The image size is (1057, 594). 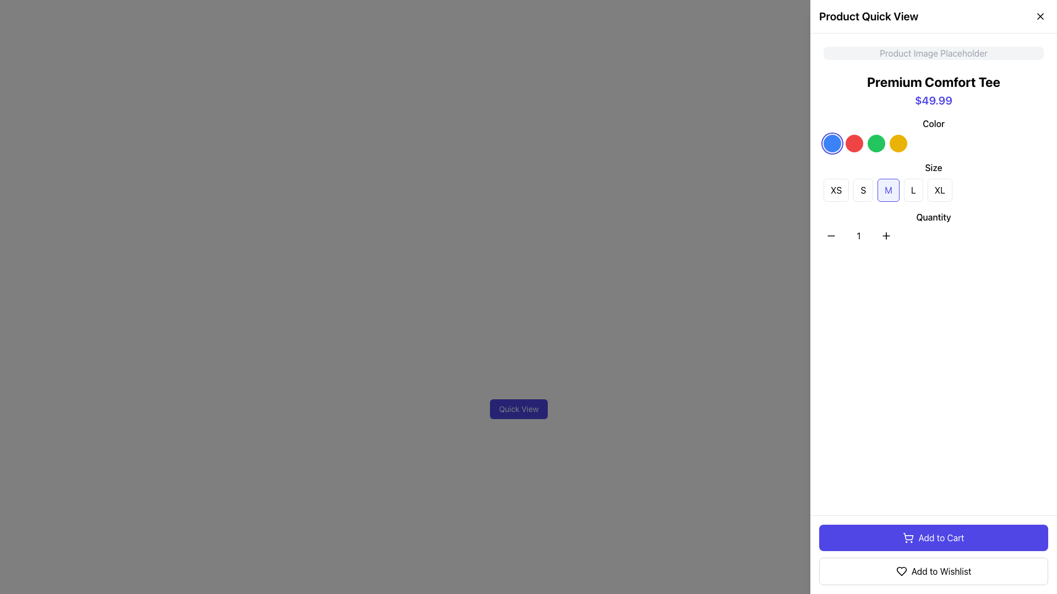 I want to click on the text label within the button that adds an item to the shopping cart, located at the bottom-right section of the page, so click(x=940, y=537).